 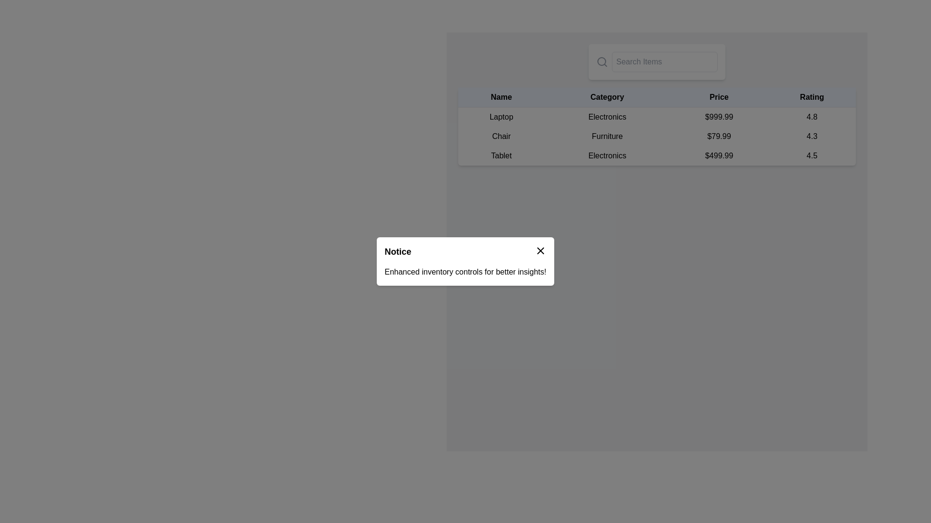 What do you see at coordinates (607, 155) in the screenshot?
I see `the Static text displaying 'Electronics', which is positioned in the 'Category' column under the 'Tablet' row, between 'Tablet' and the price '$499.99'` at bounding box center [607, 155].